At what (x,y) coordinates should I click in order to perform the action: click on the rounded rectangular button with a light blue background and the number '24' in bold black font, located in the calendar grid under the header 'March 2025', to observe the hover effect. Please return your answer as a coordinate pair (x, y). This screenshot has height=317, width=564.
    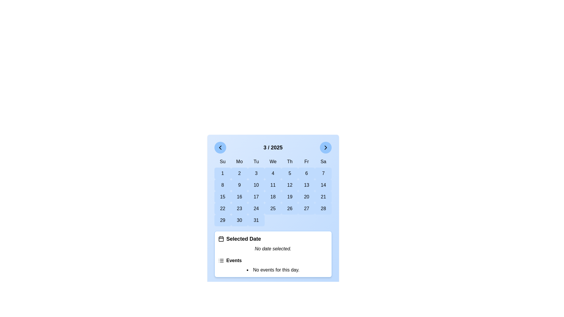
    Looking at the image, I should click on (256, 208).